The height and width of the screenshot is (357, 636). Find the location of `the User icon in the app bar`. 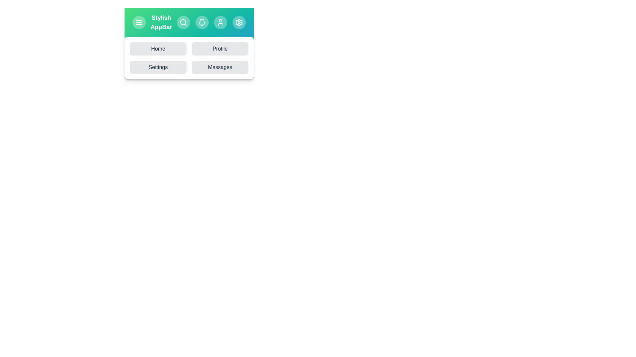

the User icon in the app bar is located at coordinates (221, 22).